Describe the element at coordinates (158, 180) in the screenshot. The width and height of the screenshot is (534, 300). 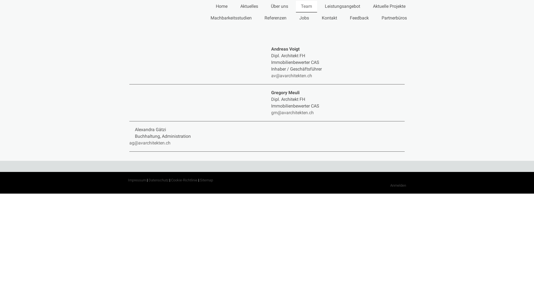
I see `'Datenschutz'` at that location.